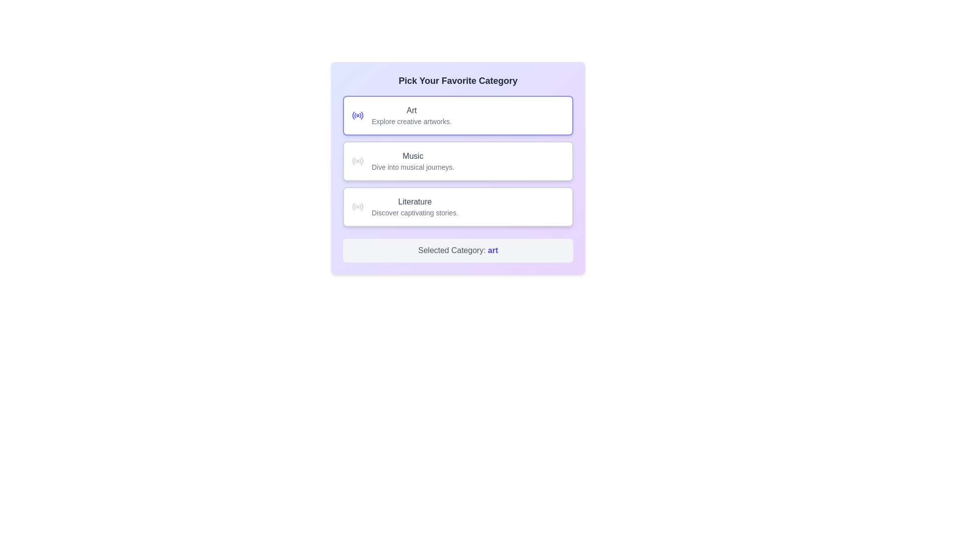 The height and width of the screenshot is (536, 953). I want to click on the 'Art' category icon located at the top-left corner of the button labeled 'Art Explore creative artworks', so click(357, 115).